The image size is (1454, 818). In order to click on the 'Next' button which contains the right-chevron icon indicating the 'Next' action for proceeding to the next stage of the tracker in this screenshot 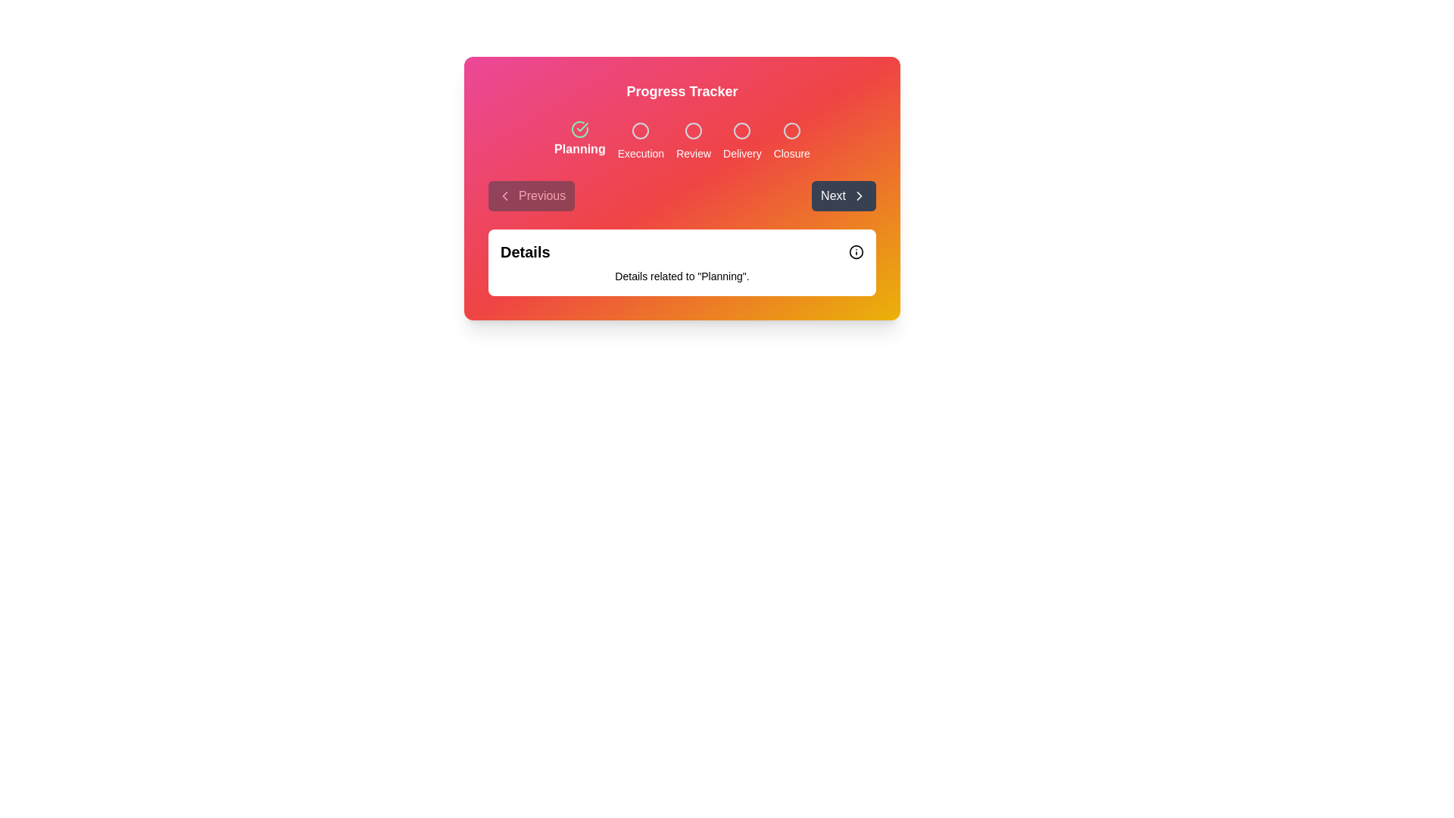, I will do `click(859, 195)`.